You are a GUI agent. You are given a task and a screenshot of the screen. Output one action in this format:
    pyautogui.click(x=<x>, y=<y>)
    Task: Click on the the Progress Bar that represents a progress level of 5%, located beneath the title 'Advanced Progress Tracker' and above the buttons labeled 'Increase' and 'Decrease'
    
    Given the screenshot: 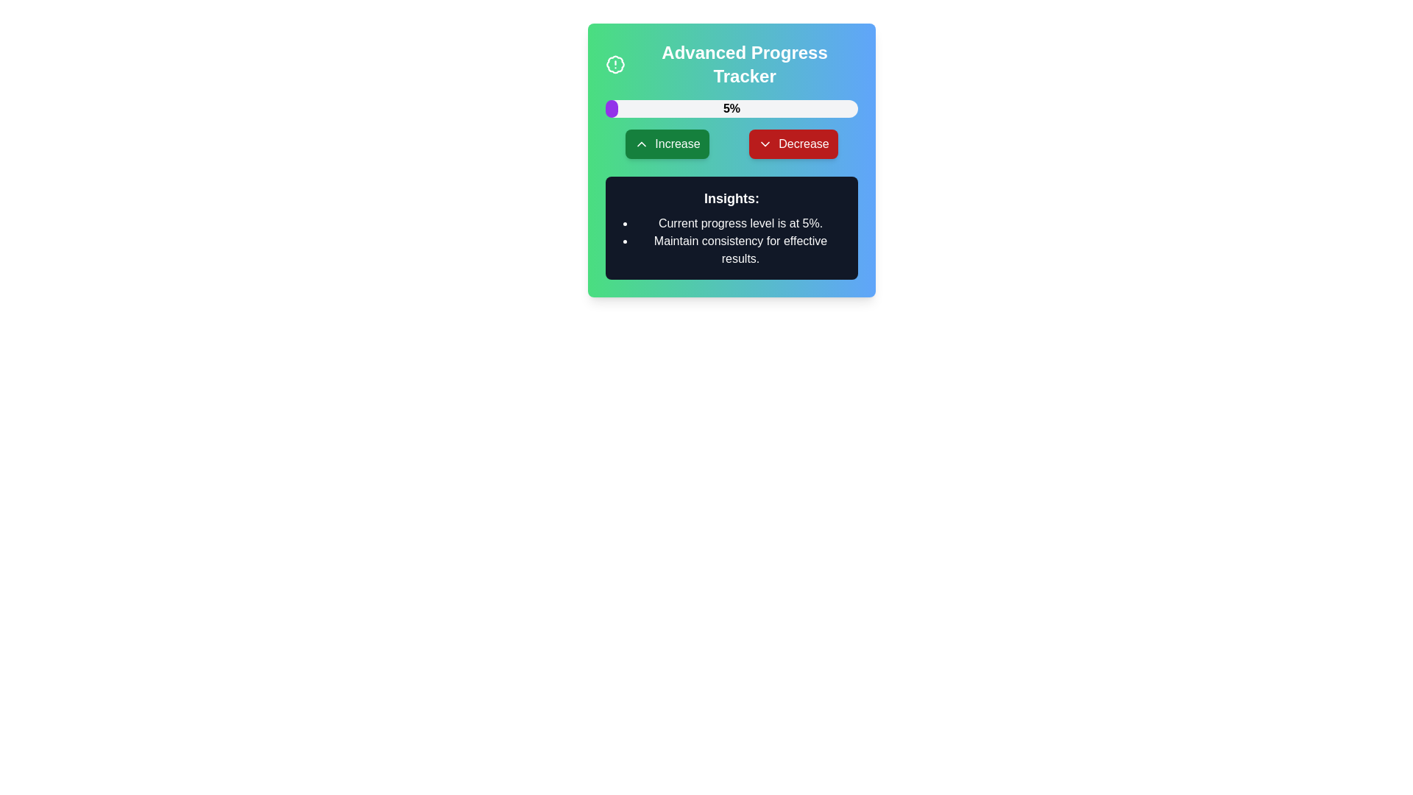 What is the action you would take?
    pyautogui.click(x=732, y=107)
    